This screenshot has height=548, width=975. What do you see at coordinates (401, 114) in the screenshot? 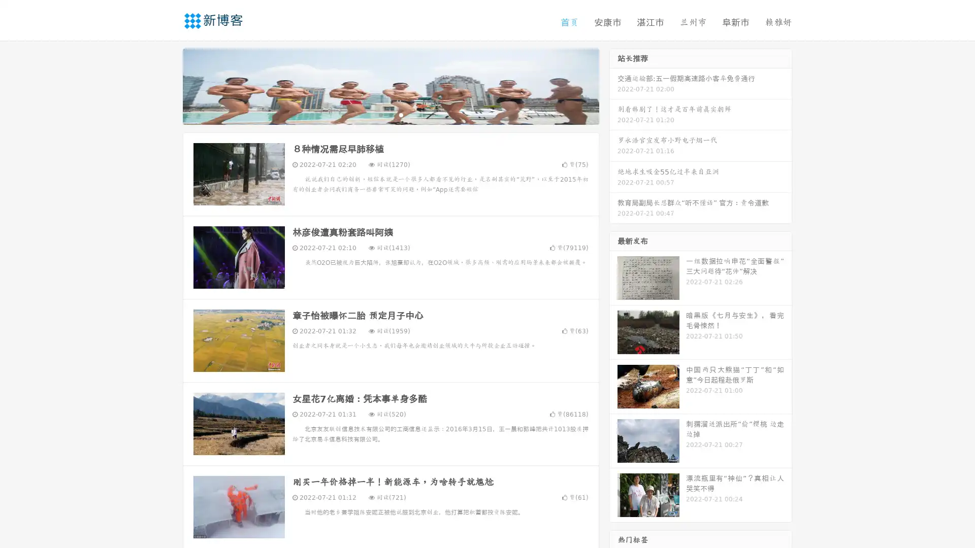
I see `Go to slide 3` at bounding box center [401, 114].